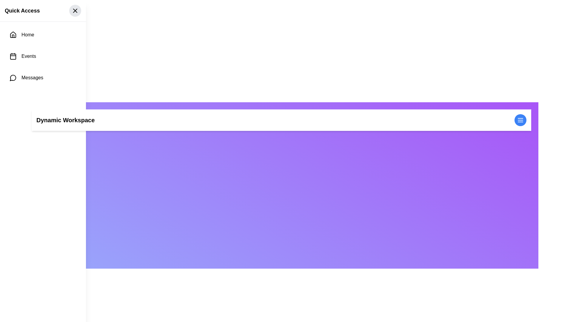 The image size is (573, 322). I want to click on the 'Events' button, so click(43, 56).